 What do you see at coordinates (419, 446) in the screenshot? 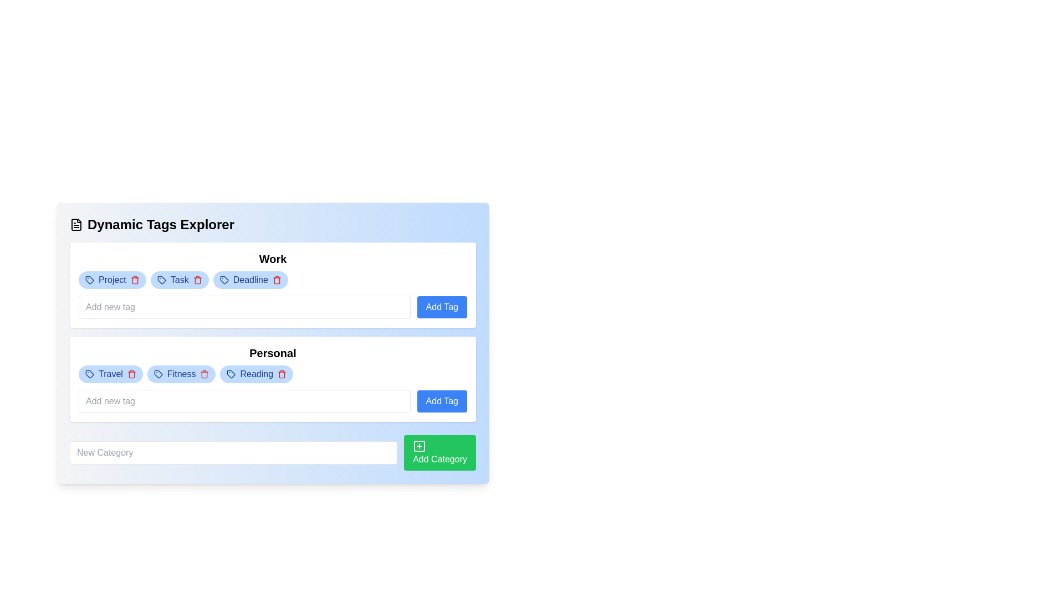
I see `the square-shaped icon embedded in the green 'Add Category' button` at bounding box center [419, 446].